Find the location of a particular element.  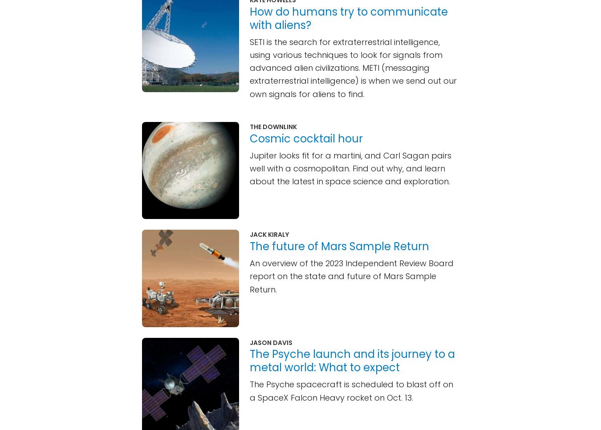

'Cosmic cocktail hour' is located at coordinates (305, 138).